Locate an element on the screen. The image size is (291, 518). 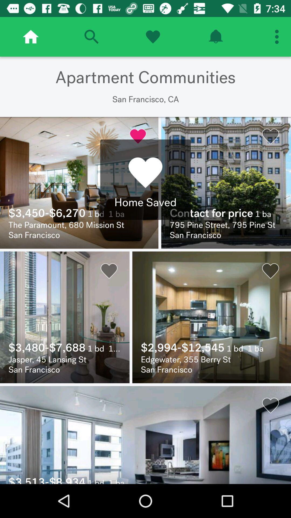
the home page is located at coordinates (31, 36).